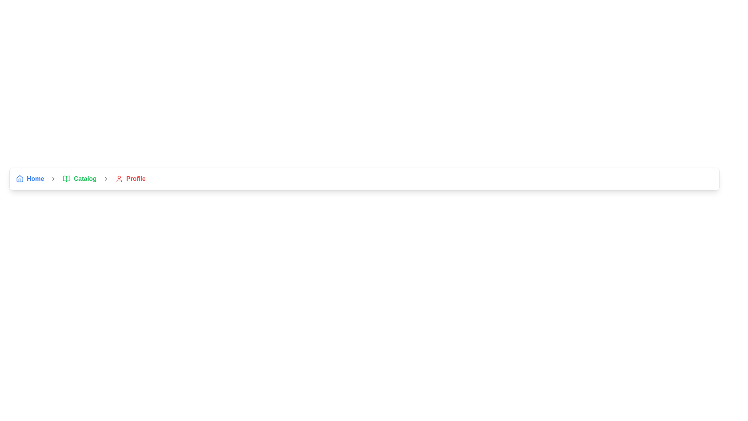 This screenshot has height=421, width=748. I want to click on the 'Profile' icon in the breadcrumb navigation bar, which is visually distinguished by a user icon and located to the left of the 'Profile' text, so click(119, 179).